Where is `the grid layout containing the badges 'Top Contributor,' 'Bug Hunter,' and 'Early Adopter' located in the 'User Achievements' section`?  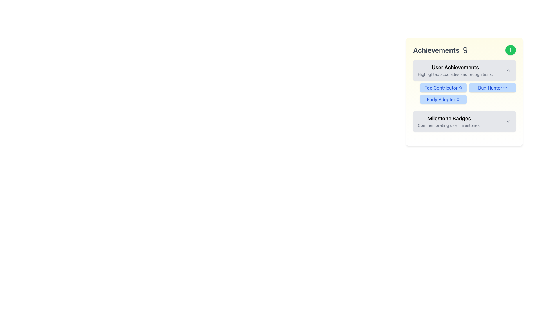 the grid layout containing the badges 'Top Contributor,' 'Bug Hunter,' and 'Early Adopter' located in the 'User Achievements' section is located at coordinates (468, 93).